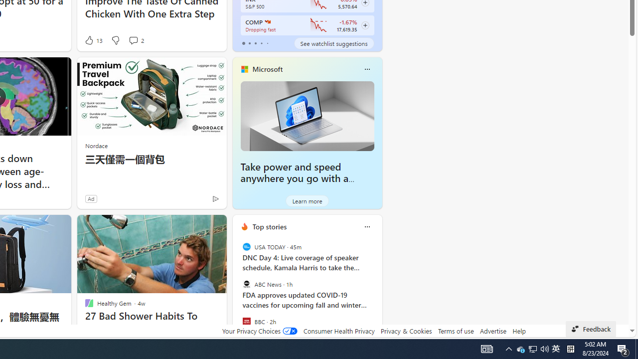  I want to click on 'USA TODAY', so click(246, 247).